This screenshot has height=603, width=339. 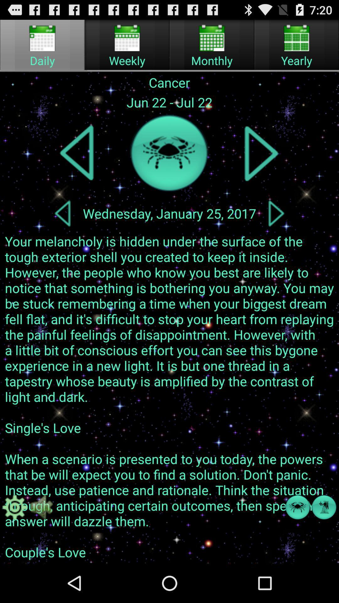 I want to click on next zodiac sign, so click(x=261, y=153).